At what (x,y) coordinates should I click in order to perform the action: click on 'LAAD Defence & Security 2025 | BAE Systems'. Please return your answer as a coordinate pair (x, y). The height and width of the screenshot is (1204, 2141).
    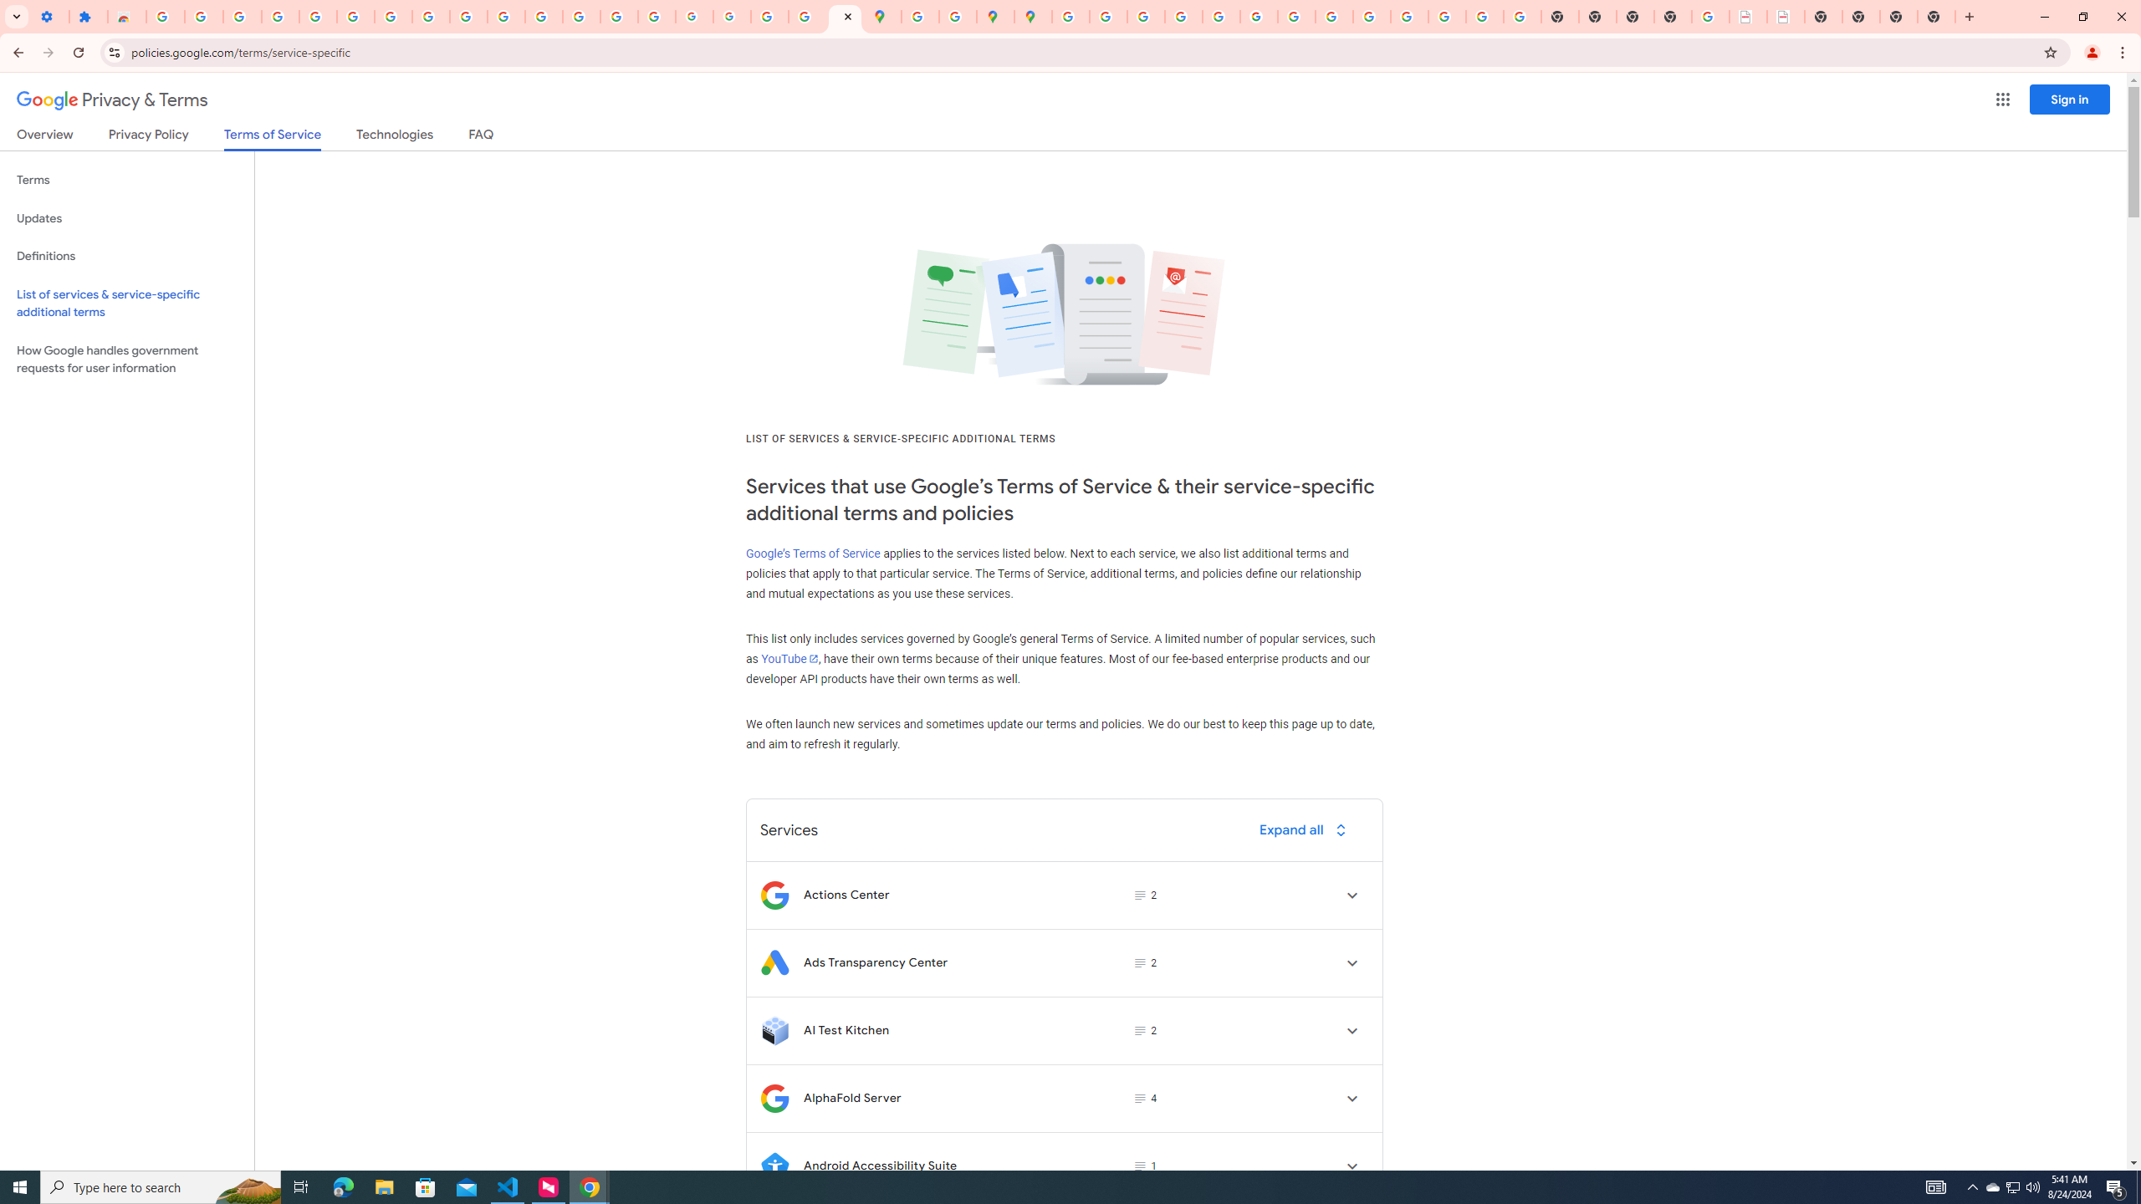
    Looking at the image, I should click on (1748, 16).